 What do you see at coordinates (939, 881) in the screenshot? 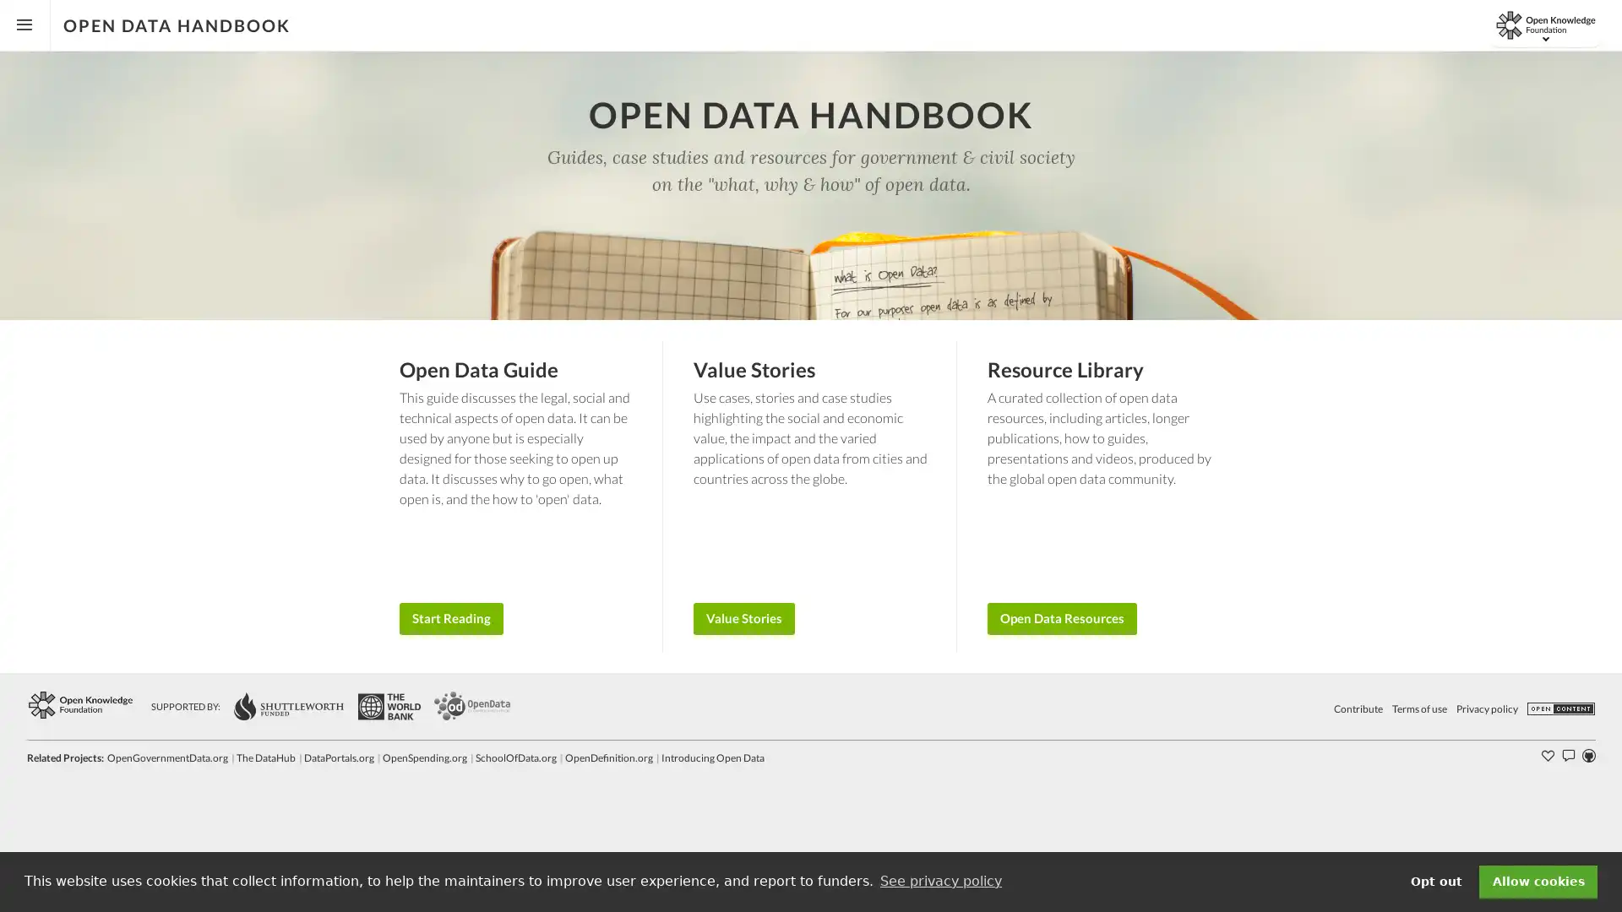
I see `learn more about cookies` at bounding box center [939, 881].